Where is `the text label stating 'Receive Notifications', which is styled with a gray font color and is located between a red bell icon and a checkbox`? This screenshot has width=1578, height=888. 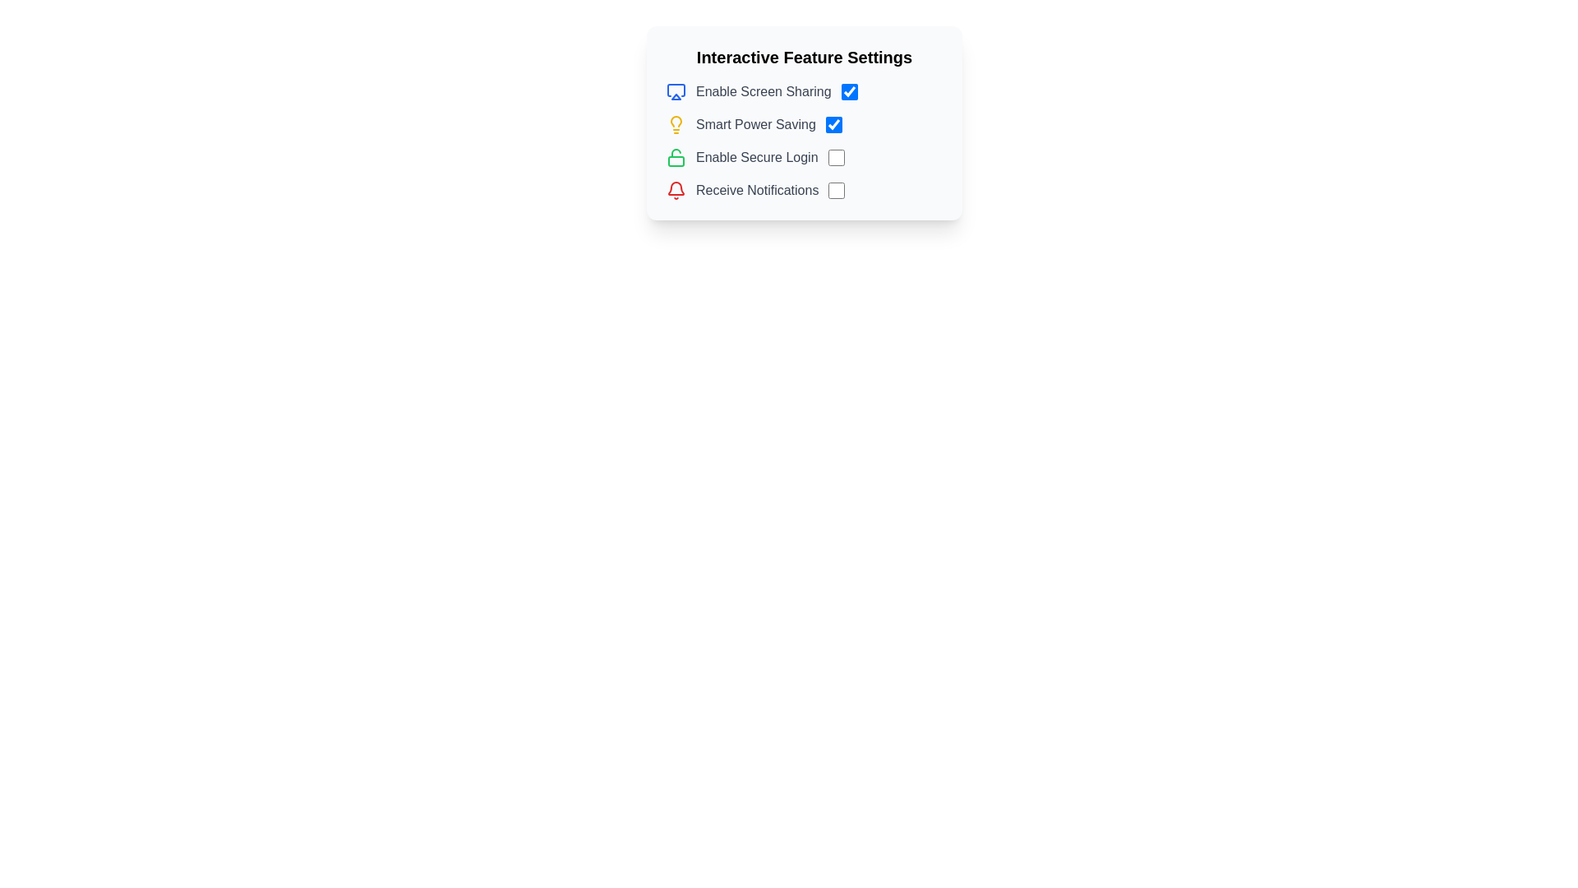 the text label stating 'Receive Notifications', which is styled with a gray font color and is located between a red bell icon and a checkbox is located at coordinates (756, 189).